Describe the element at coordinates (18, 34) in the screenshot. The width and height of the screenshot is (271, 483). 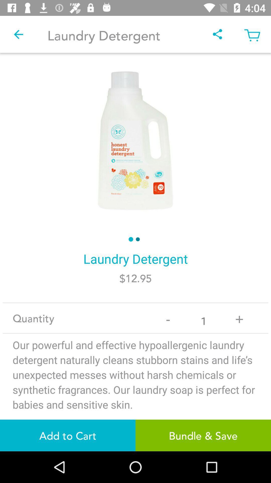
I see `icon next to laundry detergent item` at that location.